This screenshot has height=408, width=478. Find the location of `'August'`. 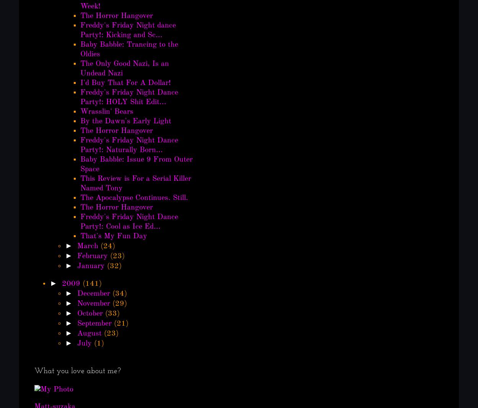

'August' is located at coordinates (89, 333).